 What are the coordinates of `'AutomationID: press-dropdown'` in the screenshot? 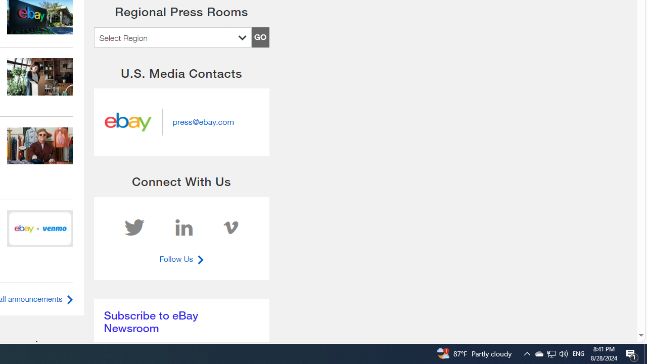 It's located at (172, 36).